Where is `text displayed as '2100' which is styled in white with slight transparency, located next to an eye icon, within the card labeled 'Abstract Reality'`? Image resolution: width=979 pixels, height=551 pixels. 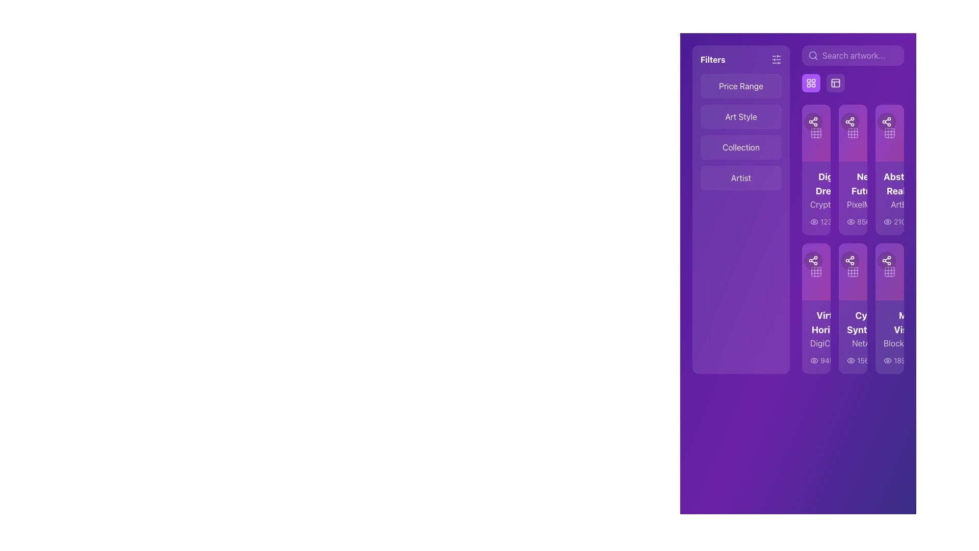
text displayed as '2100' which is styled in white with slight transparency, located next to an eye icon, within the card labeled 'Abstract Reality' is located at coordinates (896, 221).